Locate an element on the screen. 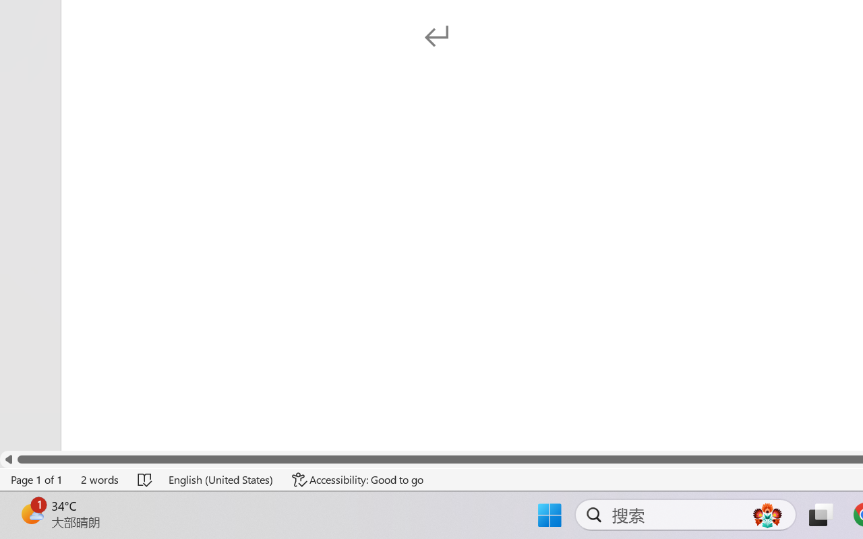  'Word Count 2 words' is located at coordinates (100, 479).